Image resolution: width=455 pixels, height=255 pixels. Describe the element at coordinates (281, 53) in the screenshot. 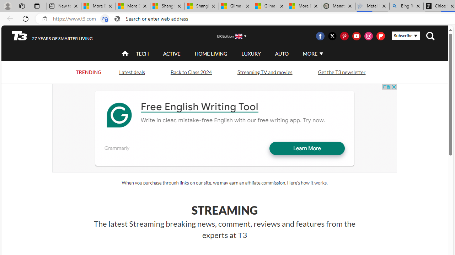

I see `'AUTO'` at that location.